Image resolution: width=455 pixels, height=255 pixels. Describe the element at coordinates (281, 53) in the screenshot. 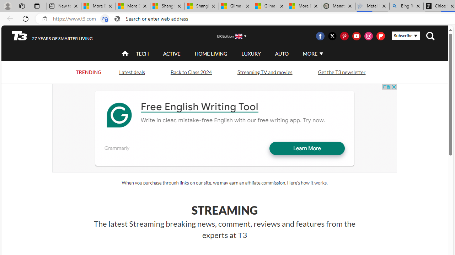

I see `'AUTO'` at that location.